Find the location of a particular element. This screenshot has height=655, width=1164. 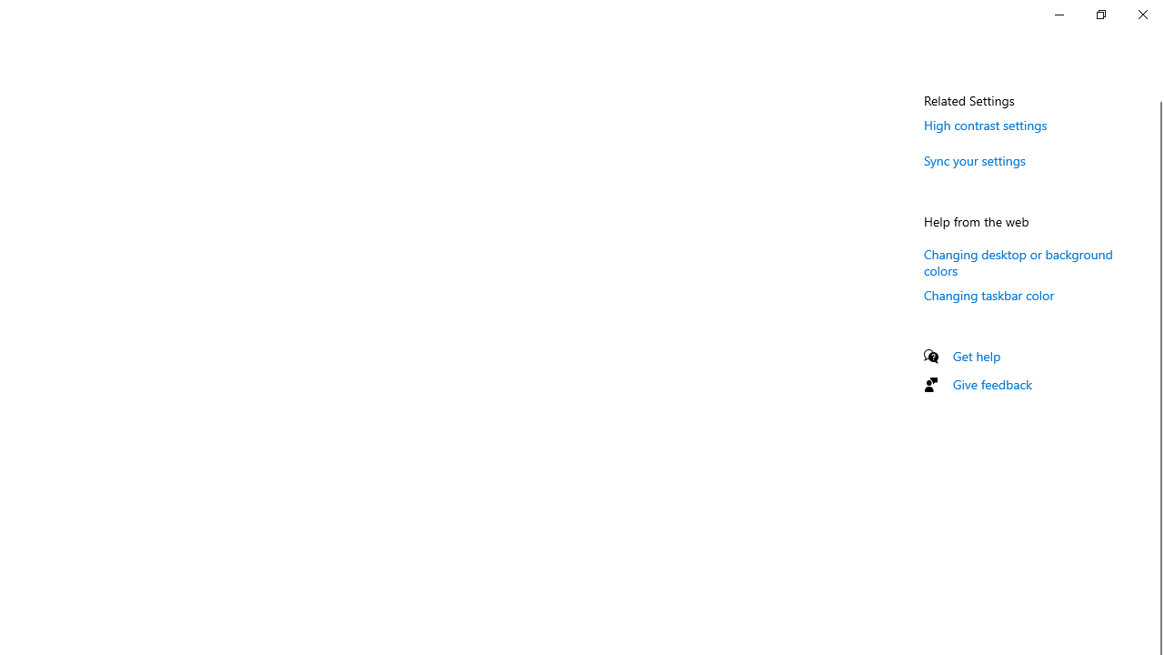

'Changing desktop or background colors' is located at coordinates (1018, 262).